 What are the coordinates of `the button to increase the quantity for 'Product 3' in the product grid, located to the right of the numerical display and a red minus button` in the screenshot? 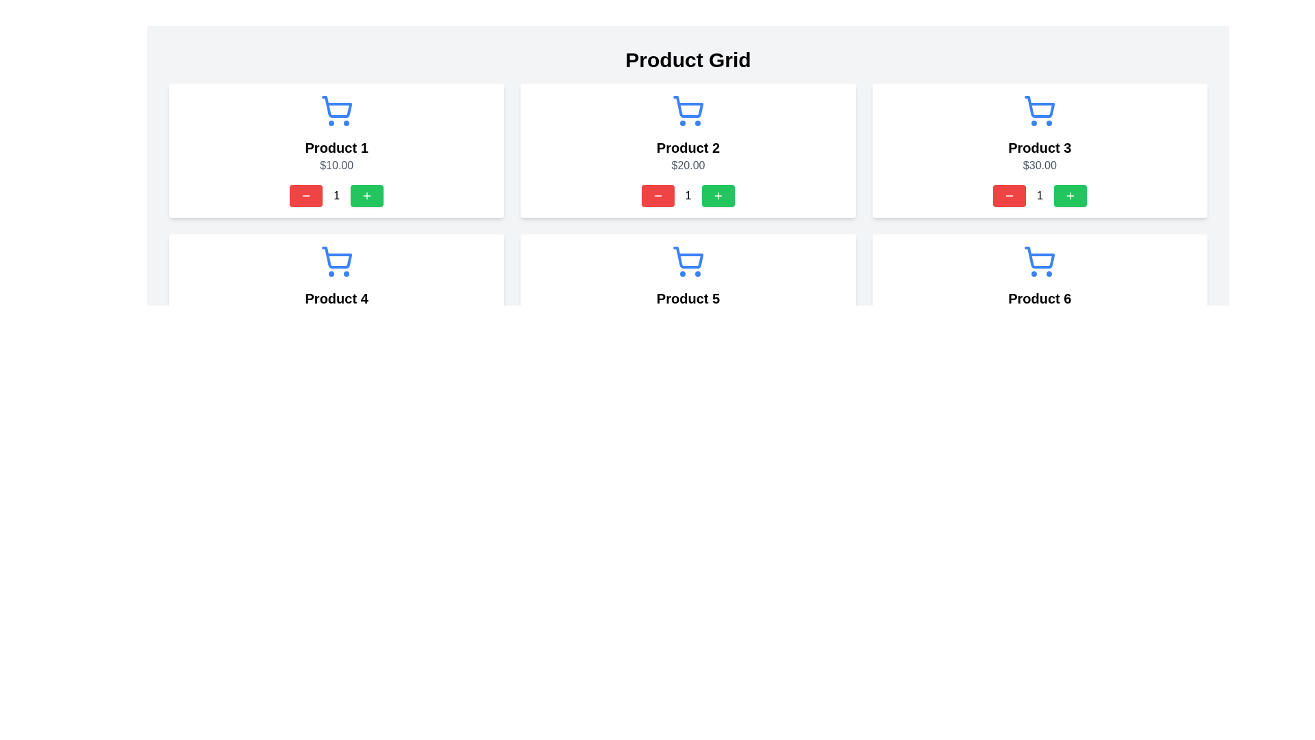 It's located at (1069, 195).